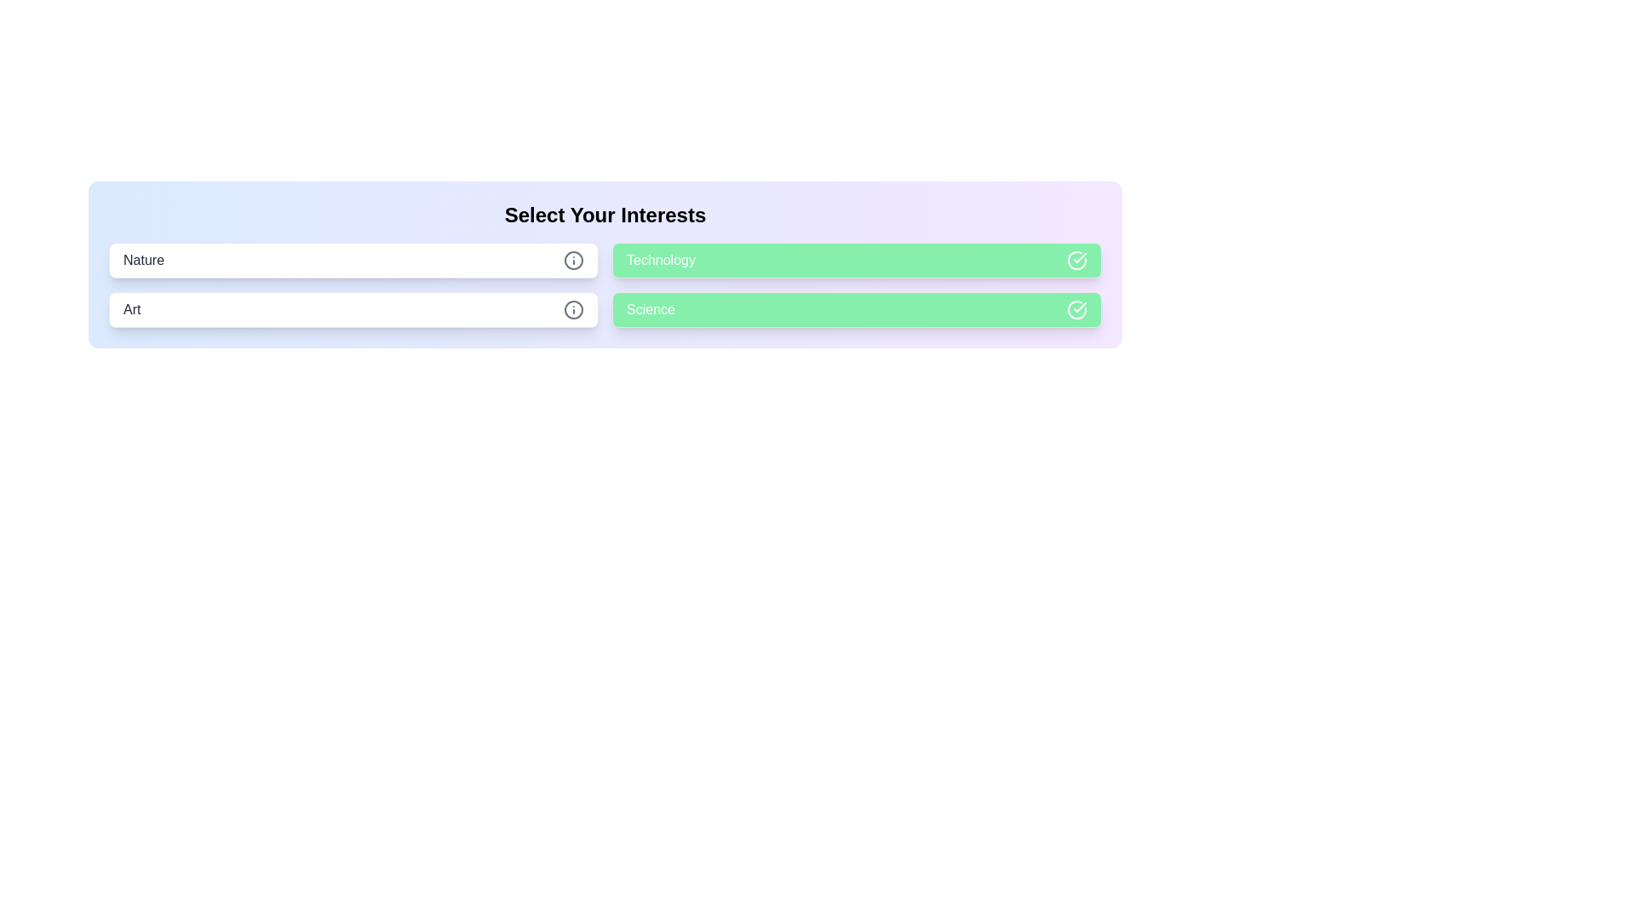 The image size is (1635, 920). Describe the element at coordinates (353, 260) in the screenshot. I see `the chip labeled Nature` at that location.